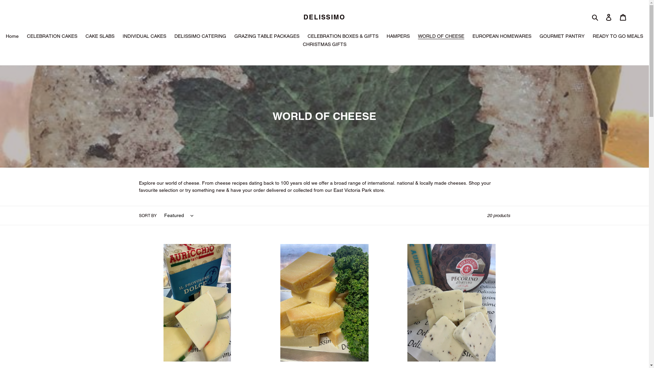  Describe the element at coordinates (343, 37) in the screenshot. I see `'CELEBRATION BOXES & GIFTS'` at that location.